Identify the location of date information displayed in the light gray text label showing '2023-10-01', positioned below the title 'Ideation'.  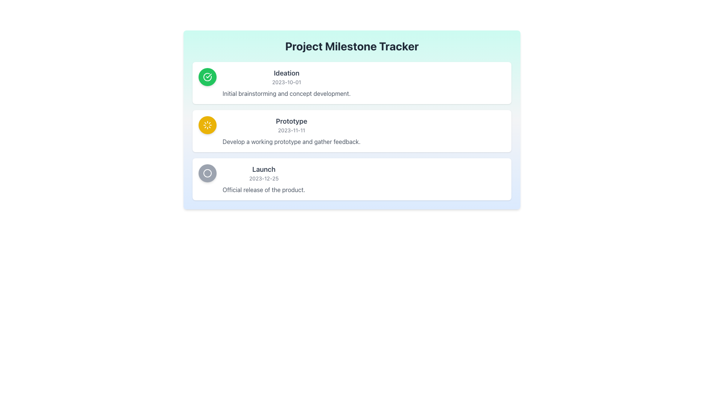
(286, 82).